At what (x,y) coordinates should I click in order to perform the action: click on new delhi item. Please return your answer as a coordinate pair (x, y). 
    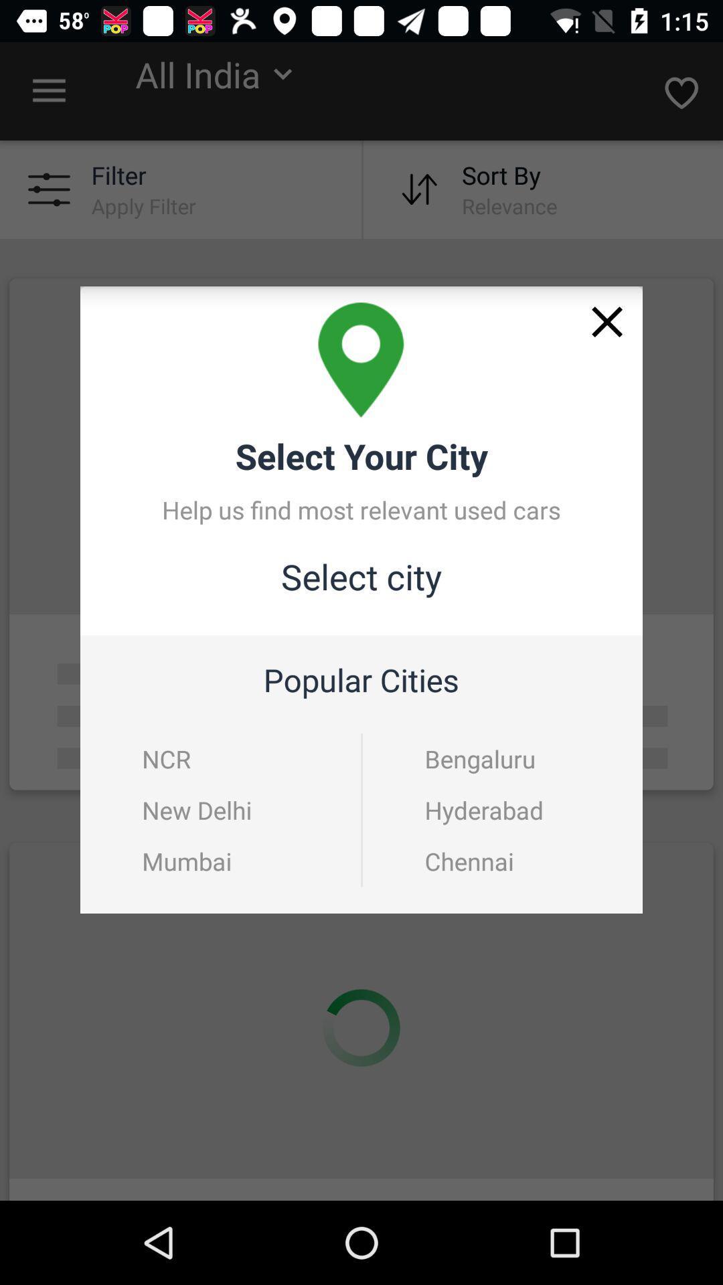
    Looking at the image, I should click on (197, 809).